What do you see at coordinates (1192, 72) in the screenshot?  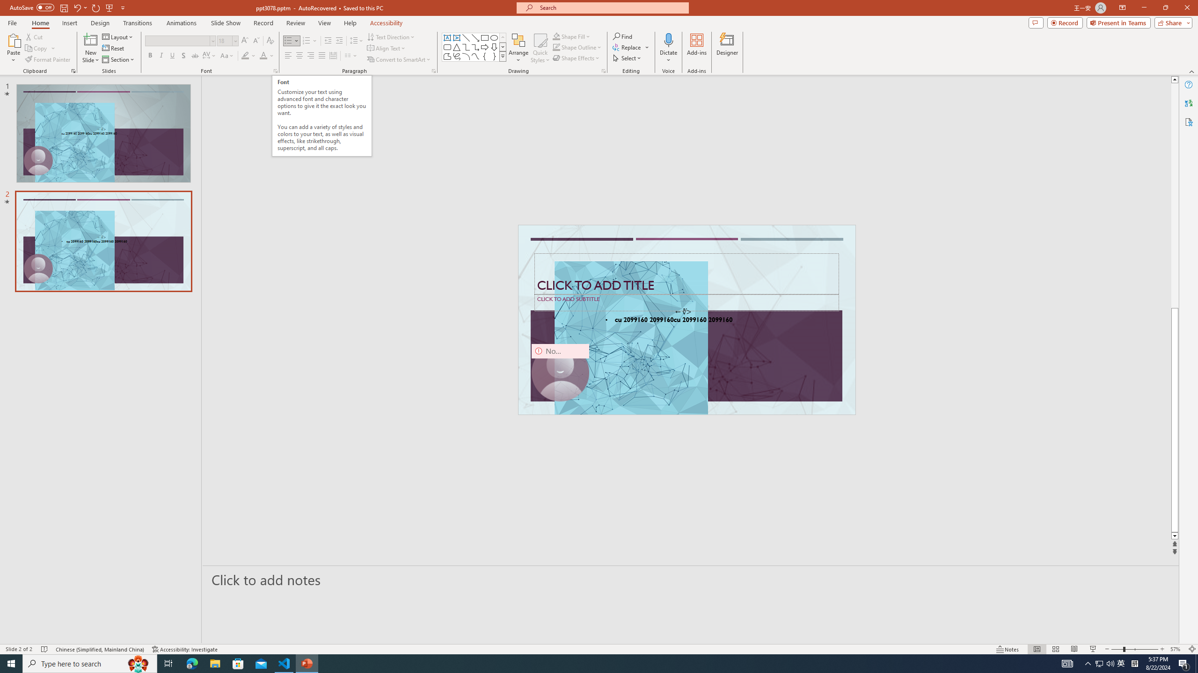 I see `'Collapse the Ribbon'` at bounding box center [1192, 72].